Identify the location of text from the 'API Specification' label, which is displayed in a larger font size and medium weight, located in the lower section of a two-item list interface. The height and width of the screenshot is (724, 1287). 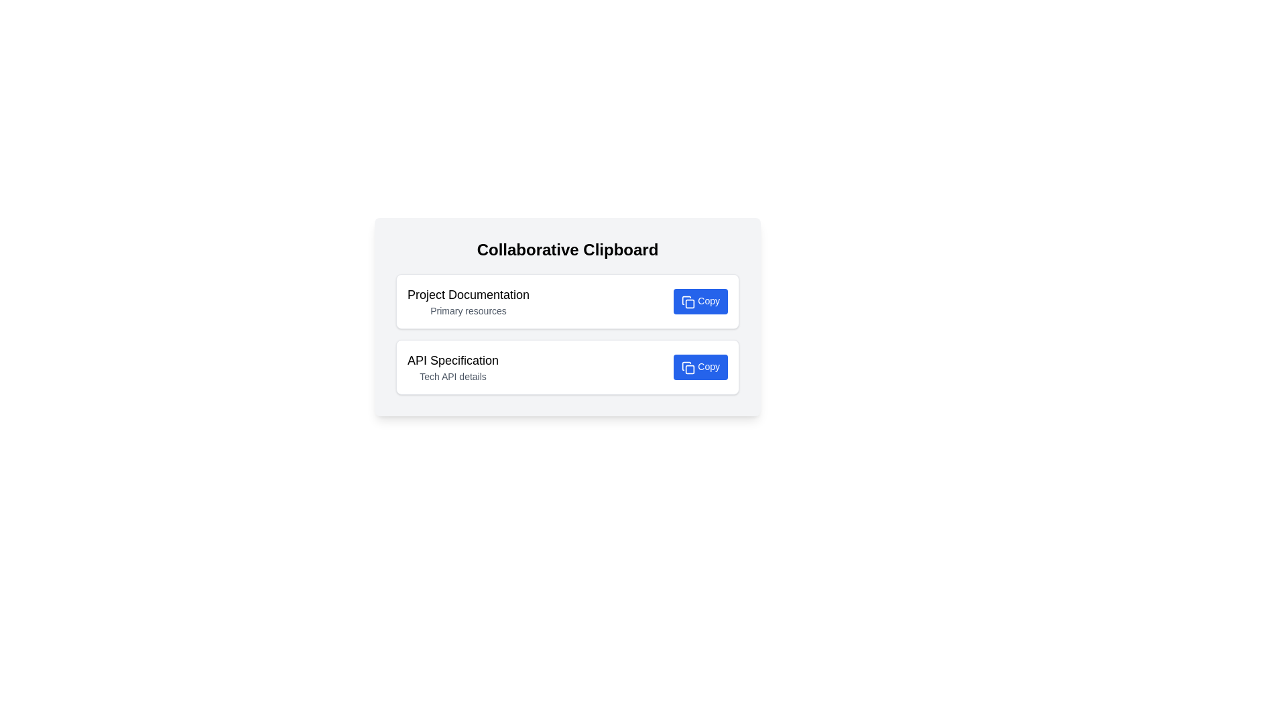
(453, 359).